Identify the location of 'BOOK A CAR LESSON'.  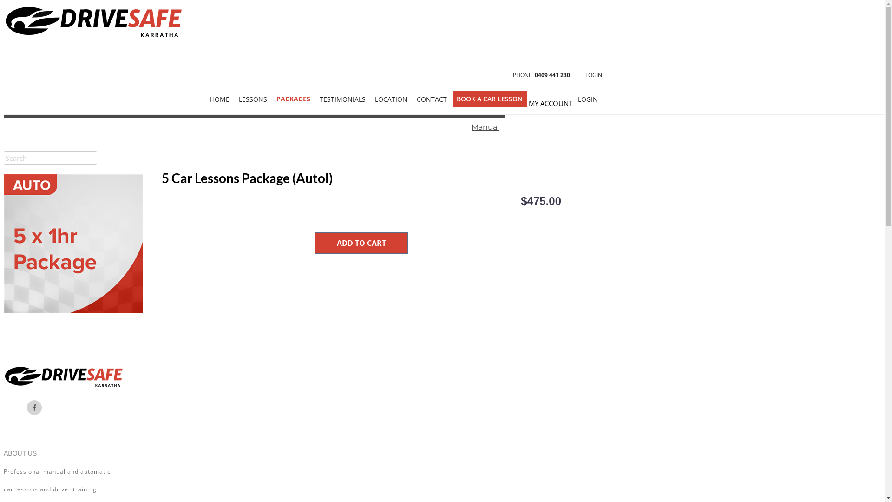
(489, 99).